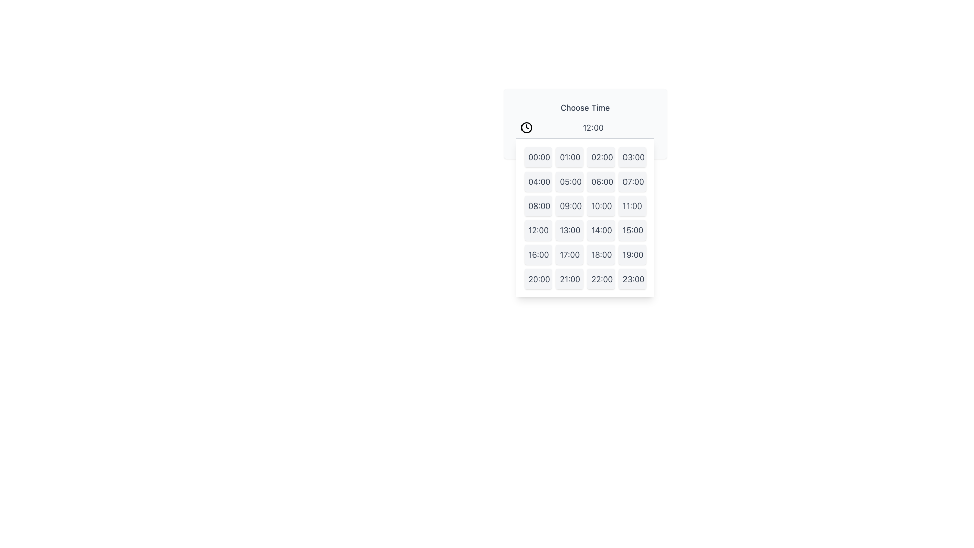 The image size is (974, 548). Describe the element at coordinates (569, 279) in the screenshot. I see `the rectangular button labeled '21:00' in the time picker dropdown` at that location.